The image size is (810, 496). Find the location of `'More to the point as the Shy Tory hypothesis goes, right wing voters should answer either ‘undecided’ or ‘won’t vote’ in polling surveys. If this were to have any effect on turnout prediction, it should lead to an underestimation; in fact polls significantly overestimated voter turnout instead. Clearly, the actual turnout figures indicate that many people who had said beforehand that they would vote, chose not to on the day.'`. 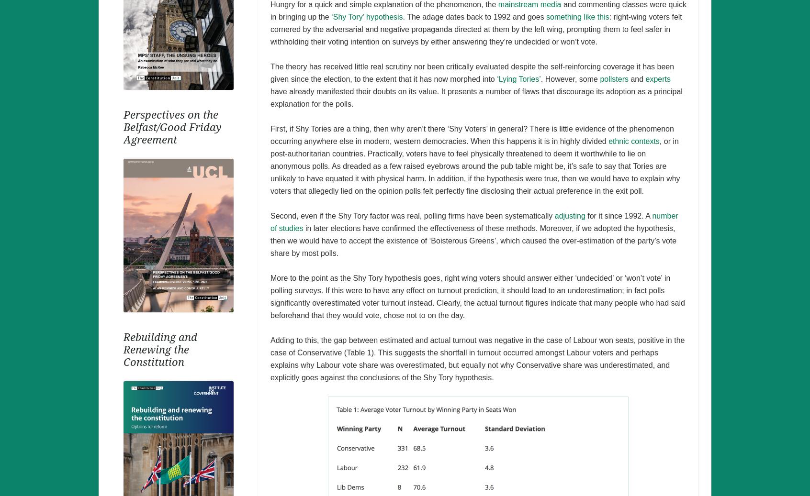

'More to the point as the Shy Tory hypothesis goes, right wing voters should answer either ‘undecided’ or ‘won’t vote’ in polling surveys. If this were to have any effect on turnout prediction, it should lead to an underestimation; in fact polls significantly overestimated voter turnout instead. Clearly, the actual turnout figures indicate that many people who had said beforehand that they would vote, chose not to on the day.' is located at coordinates (476, 296).